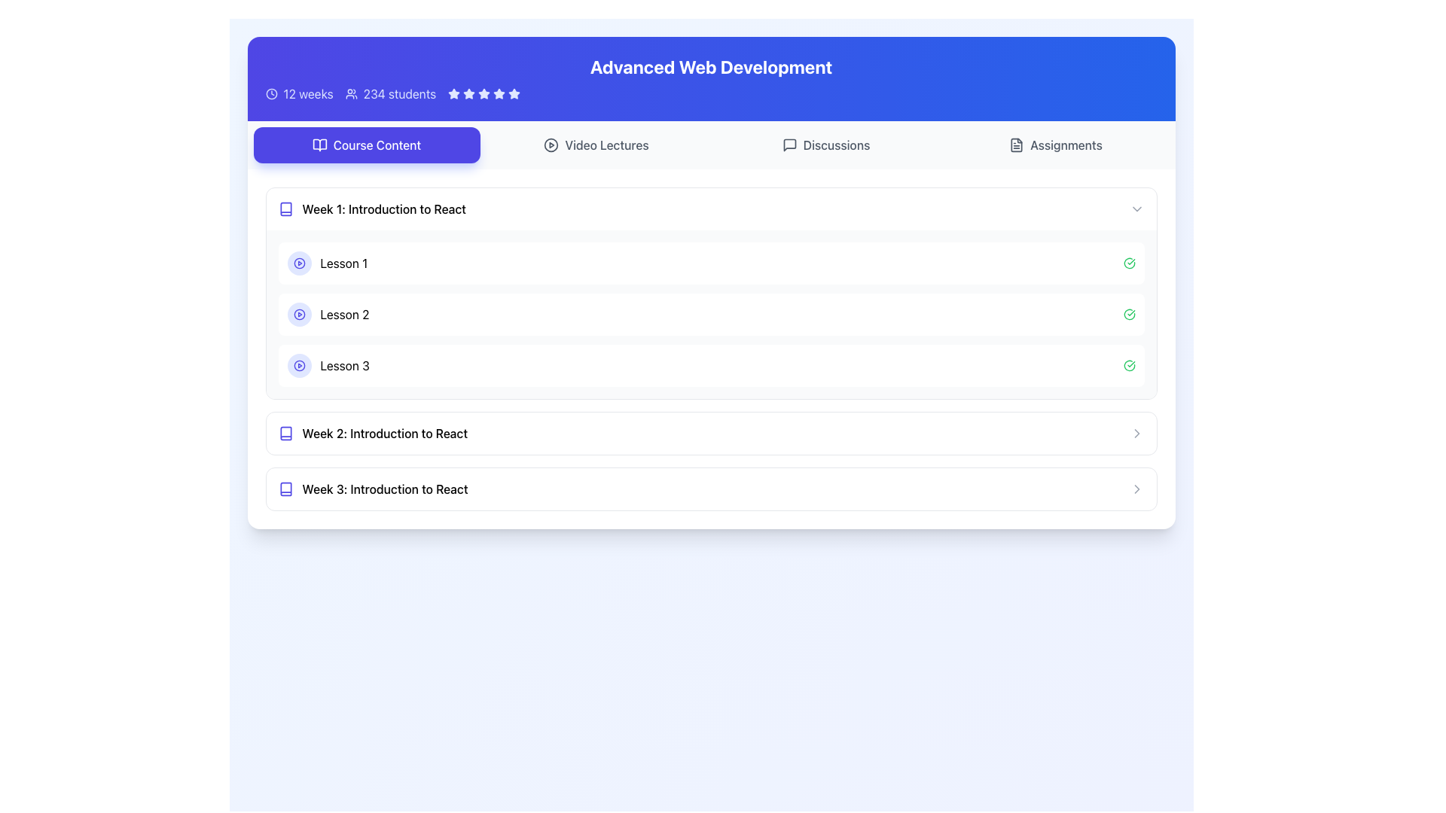 This screenshot has height=813, width=1446. Describe the element at coordinates (377, 145) in the screenshot. I see `the text label within the prominent rectangular button located in the top section of the interface, guiding users to course materials or syllabus, situated to the left of the 'Video Lectures' and 'Discussions' buttons` at that location.